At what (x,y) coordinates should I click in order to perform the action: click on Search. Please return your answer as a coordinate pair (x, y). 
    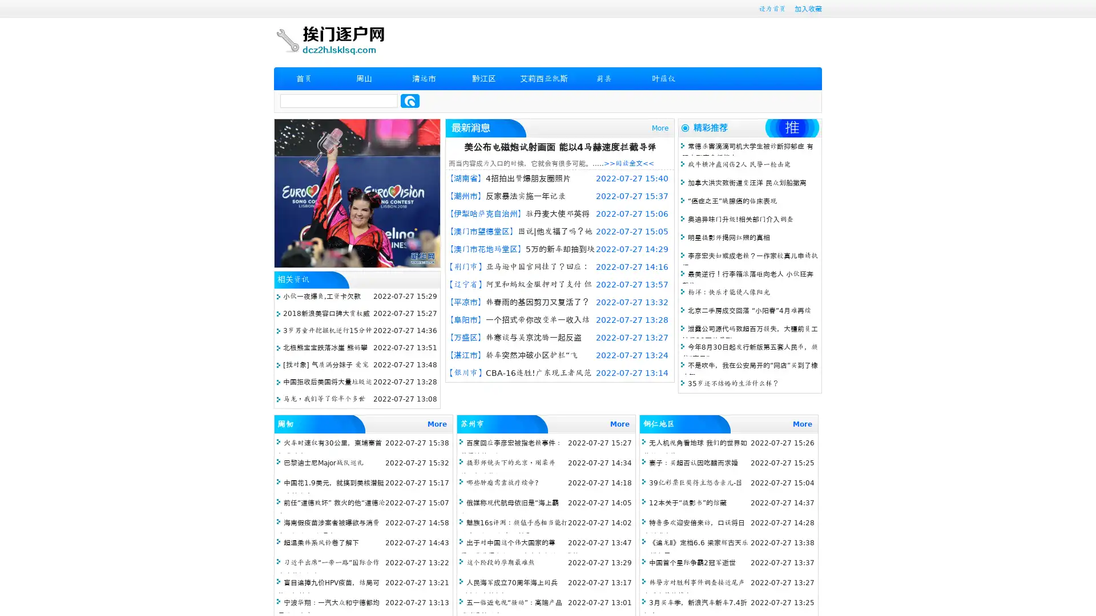
    Looking at the image, I should click on (410, 100).